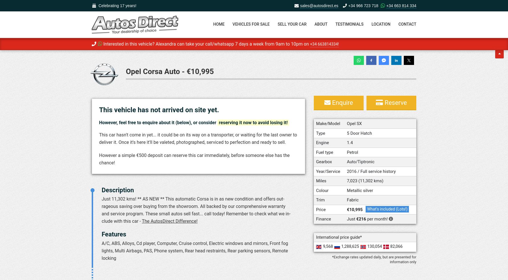 Image resolution: width=508 pixels, height=280 pixels. I want to click on 'Sell your car', so click(292, 24).